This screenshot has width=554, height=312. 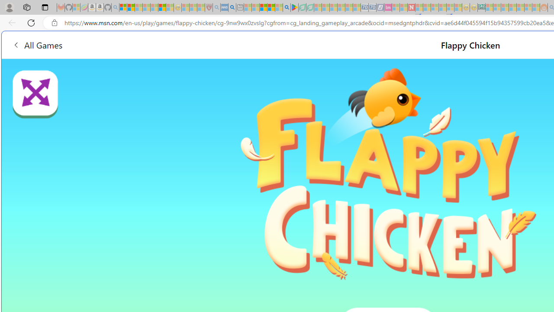 I want to click on 'Pets - MSN', so click(x=271, y=7).